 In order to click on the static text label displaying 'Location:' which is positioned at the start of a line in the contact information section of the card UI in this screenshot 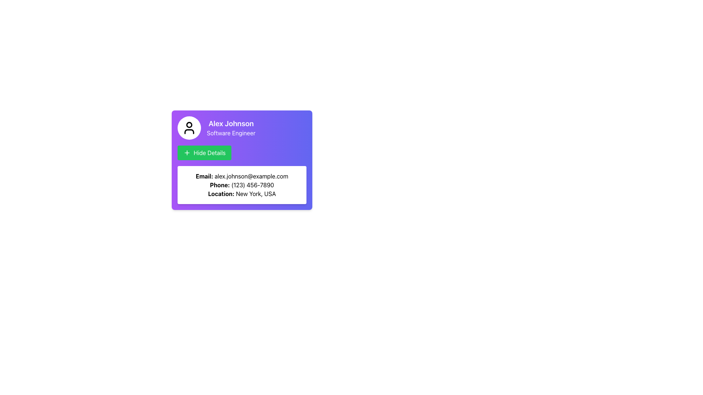, I will do `click(221, 193)`.